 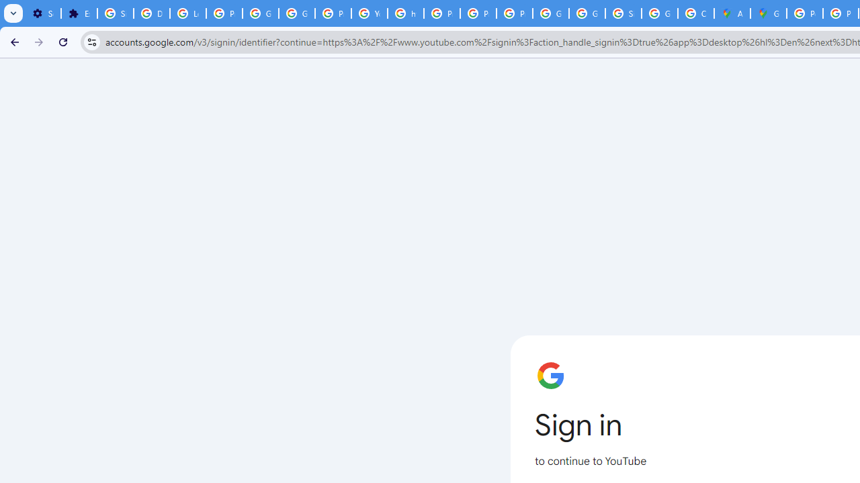 I want to click on 'YouTube', so click(x=370, y=13).